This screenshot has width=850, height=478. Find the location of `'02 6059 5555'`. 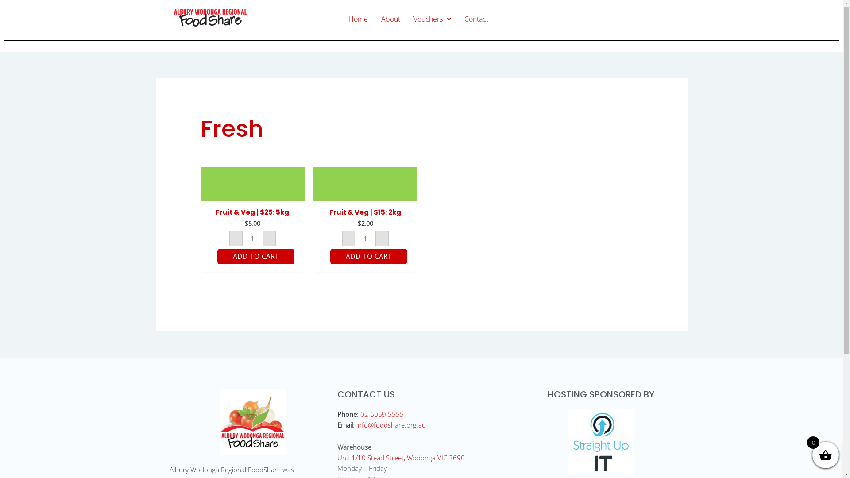

'02 6059 5555' is located at coordinates (382, 414).